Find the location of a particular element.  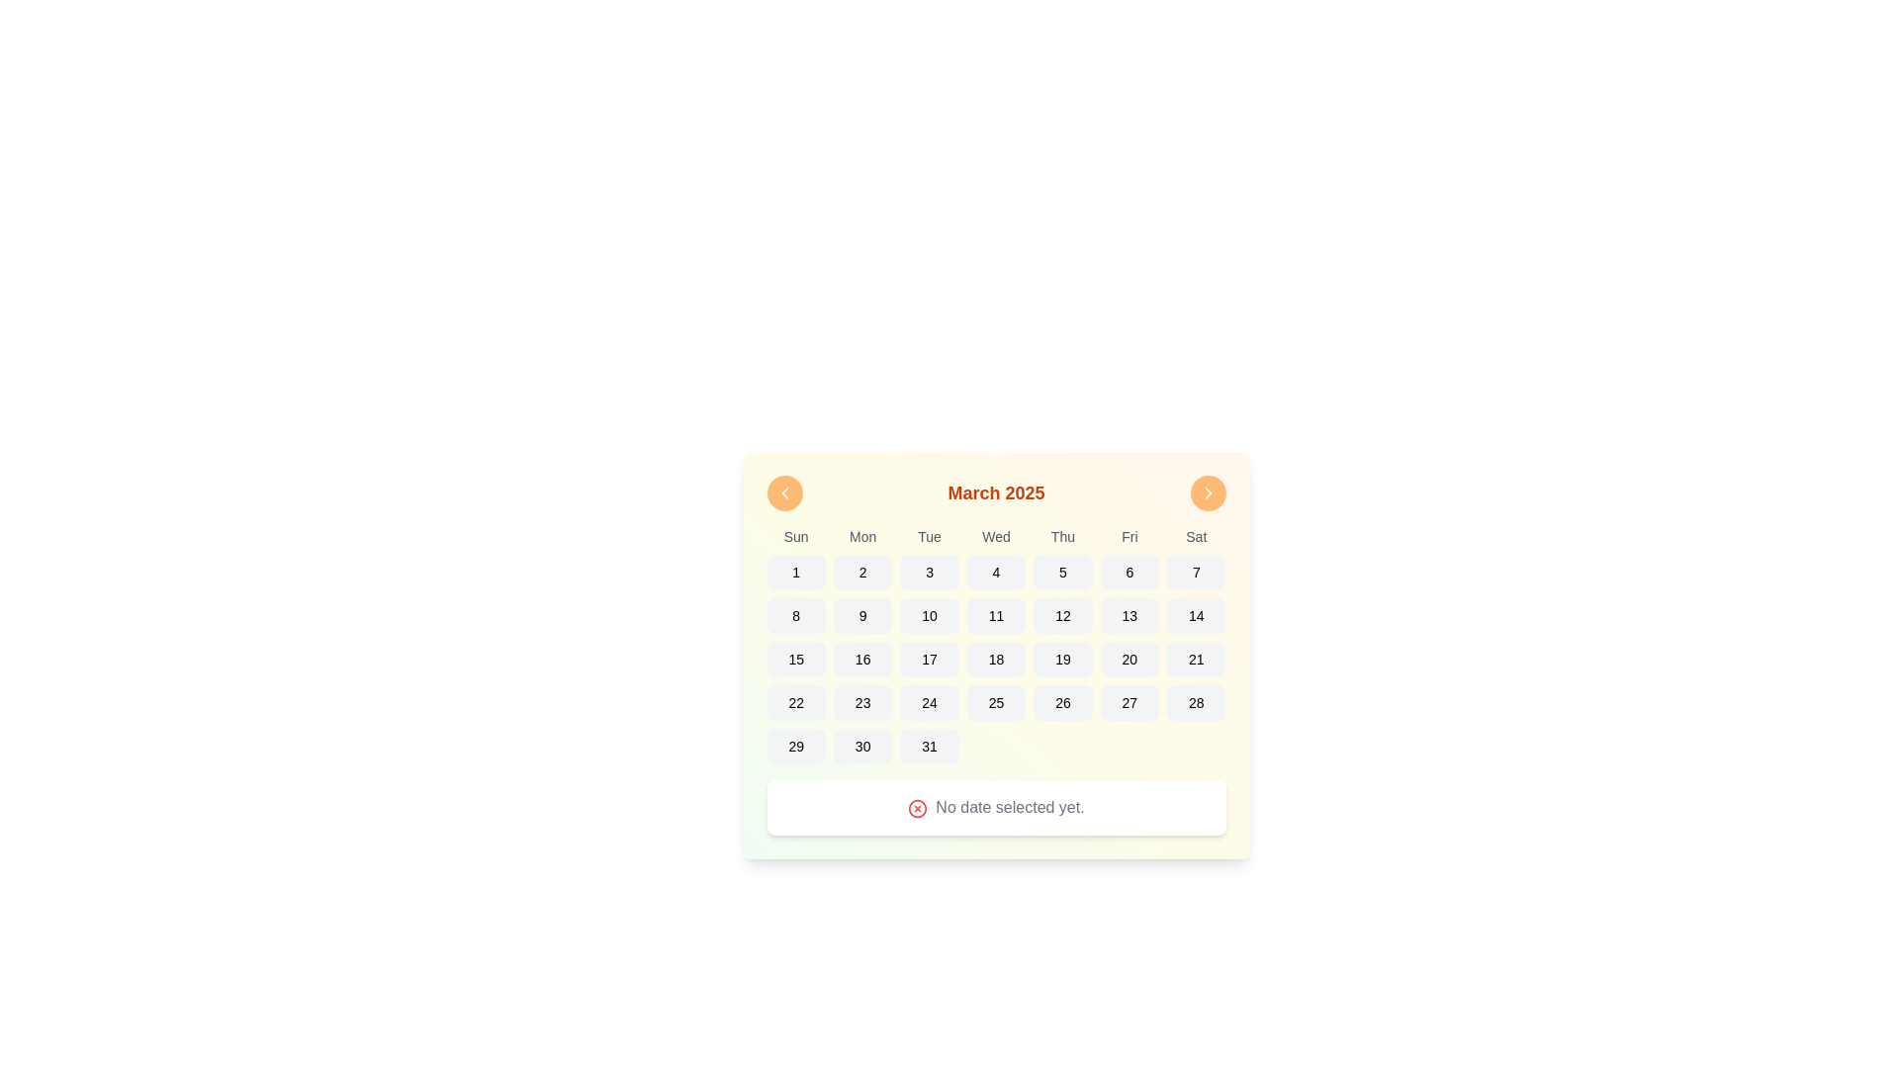

the interactive button representing March 1st, located in the first row and first column of the calendar grid under the 'Sun' header is located at coordinates (796, 572).